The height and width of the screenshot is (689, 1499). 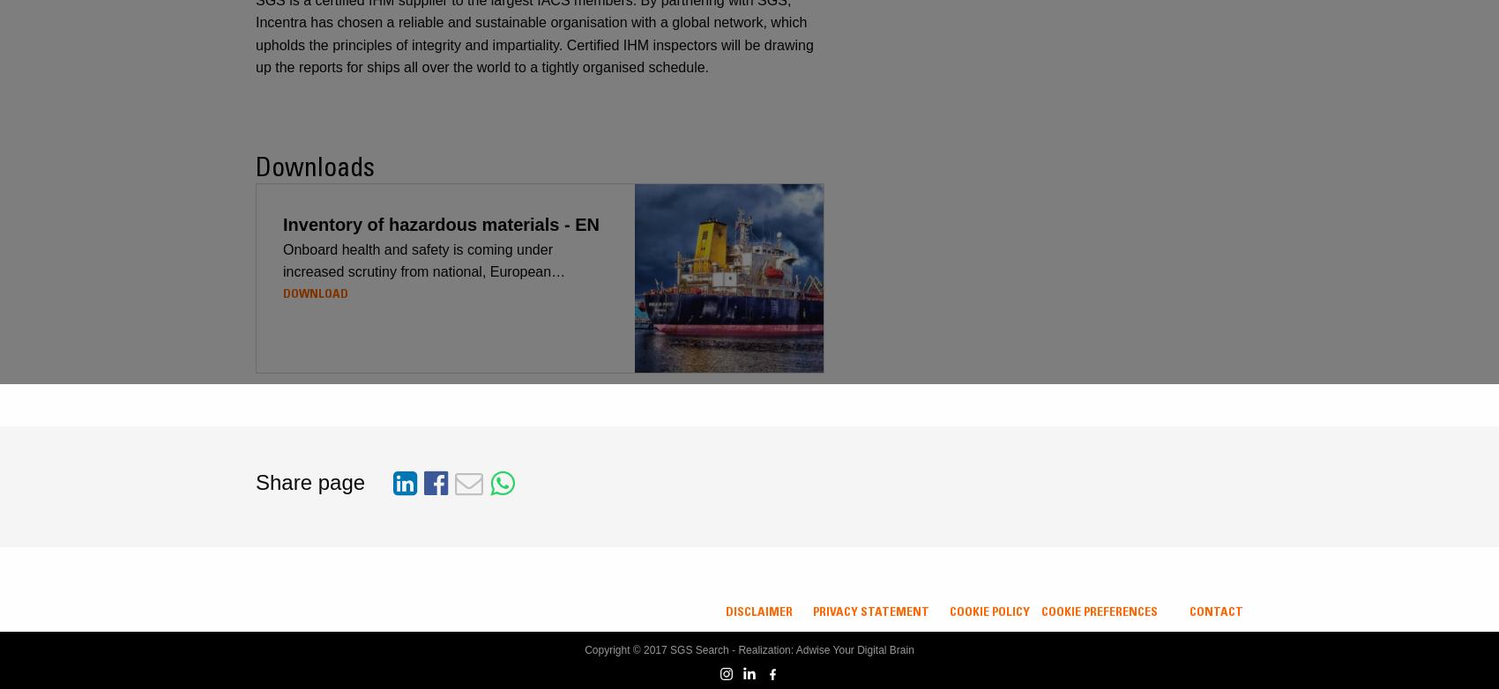 What do you see at coordinates (309, 481) in the screenshot?
I see `'Share page'` at bounding box center [309, 481].